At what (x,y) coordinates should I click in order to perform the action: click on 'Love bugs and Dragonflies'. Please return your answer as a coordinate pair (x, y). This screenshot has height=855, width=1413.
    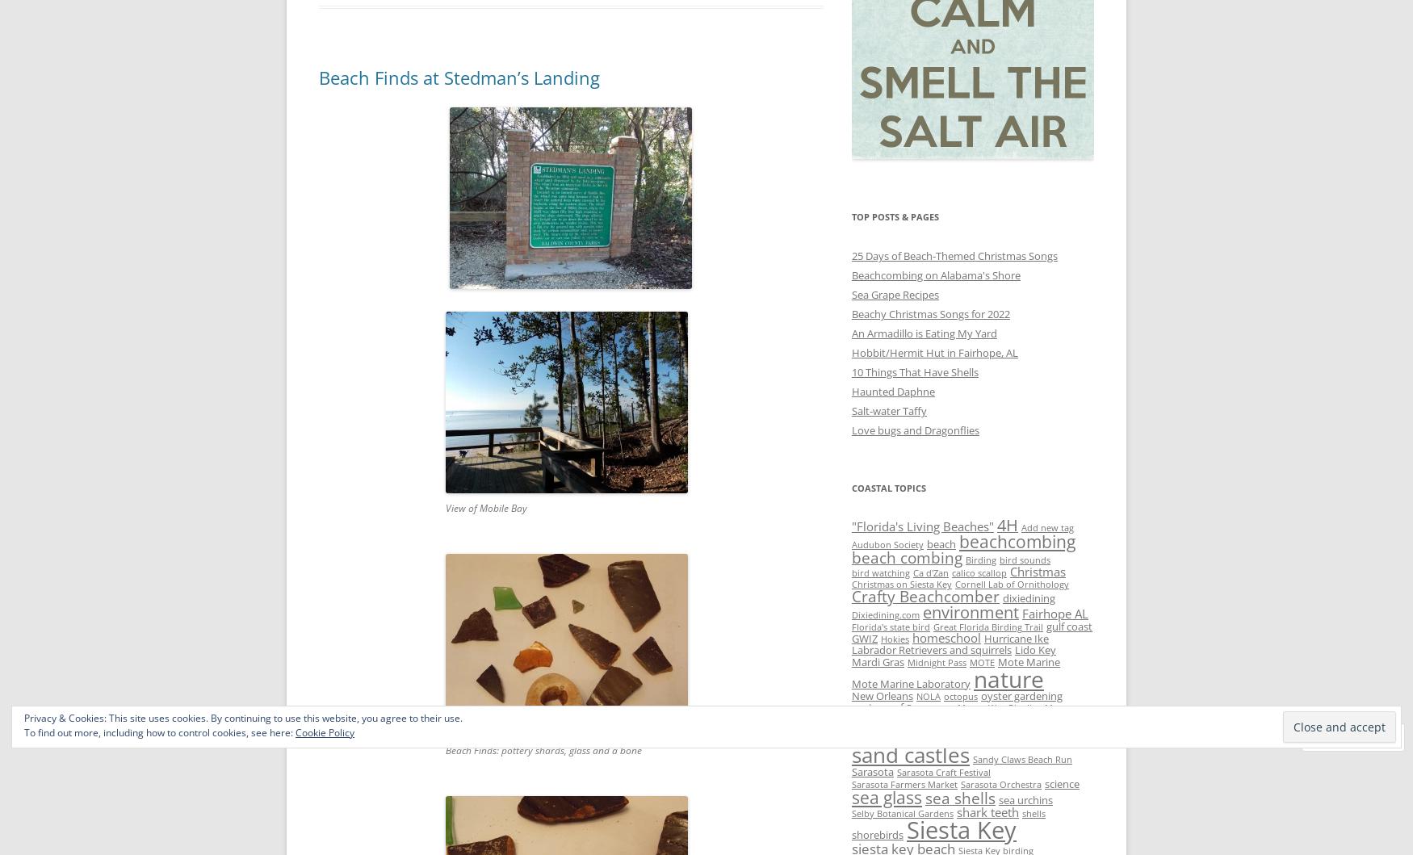
    Looking at the image, I should click on (915, 429).